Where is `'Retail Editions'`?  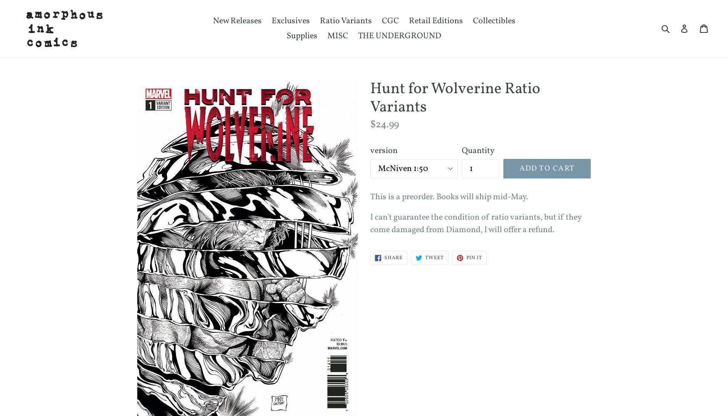
'Retail Editions' is located at coordinates (435, 21).